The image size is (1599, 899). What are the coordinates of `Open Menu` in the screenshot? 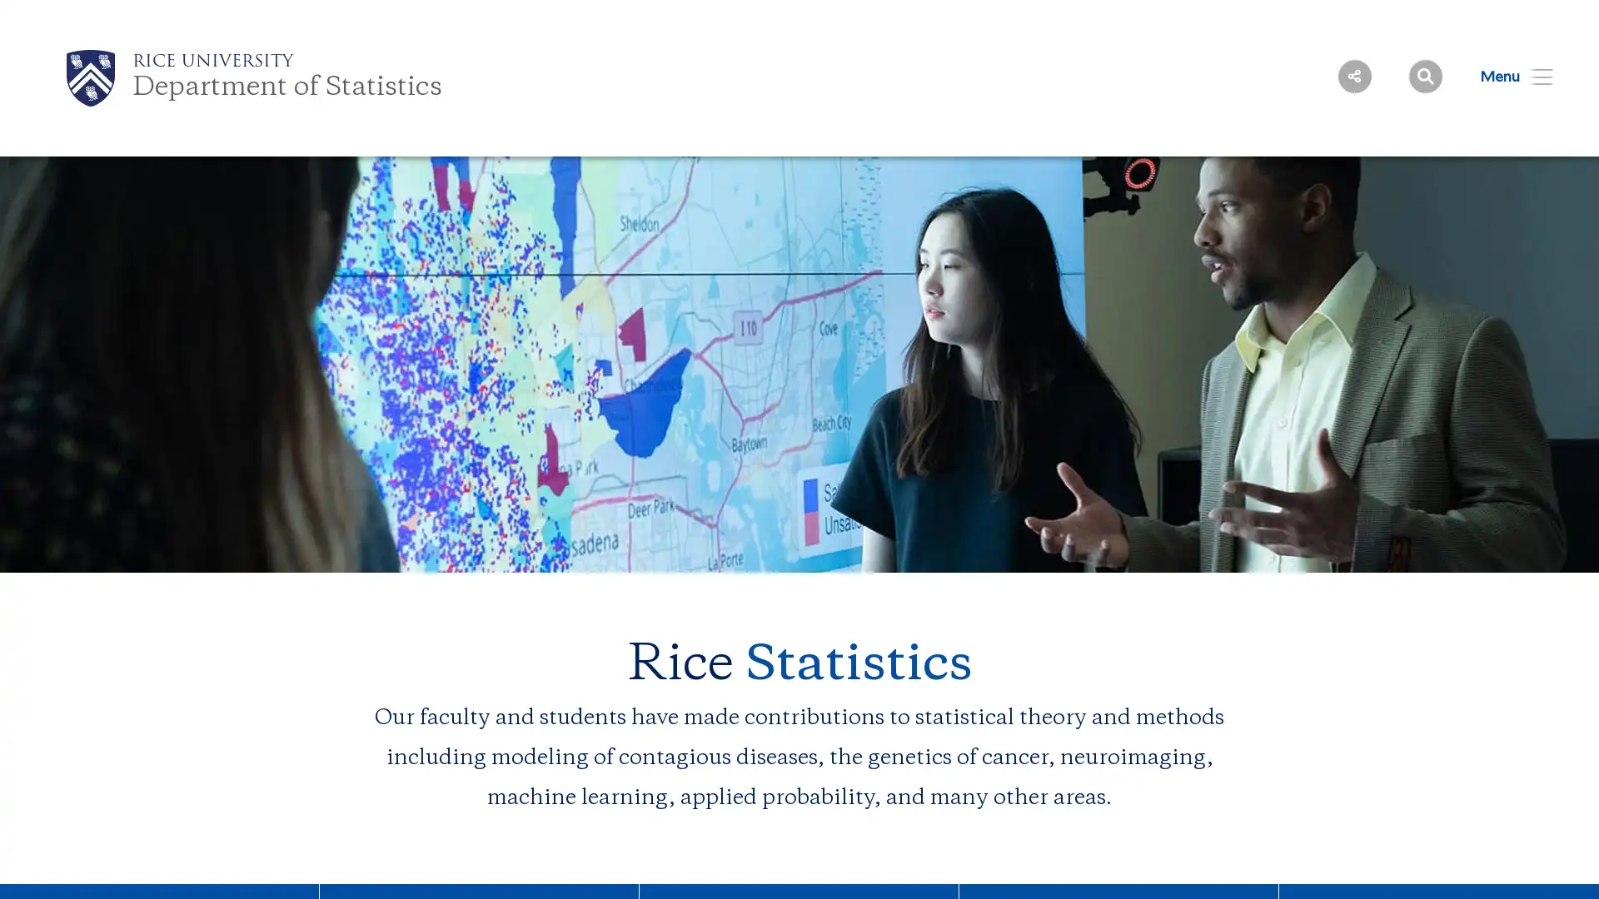 It's located at (1506, 76).